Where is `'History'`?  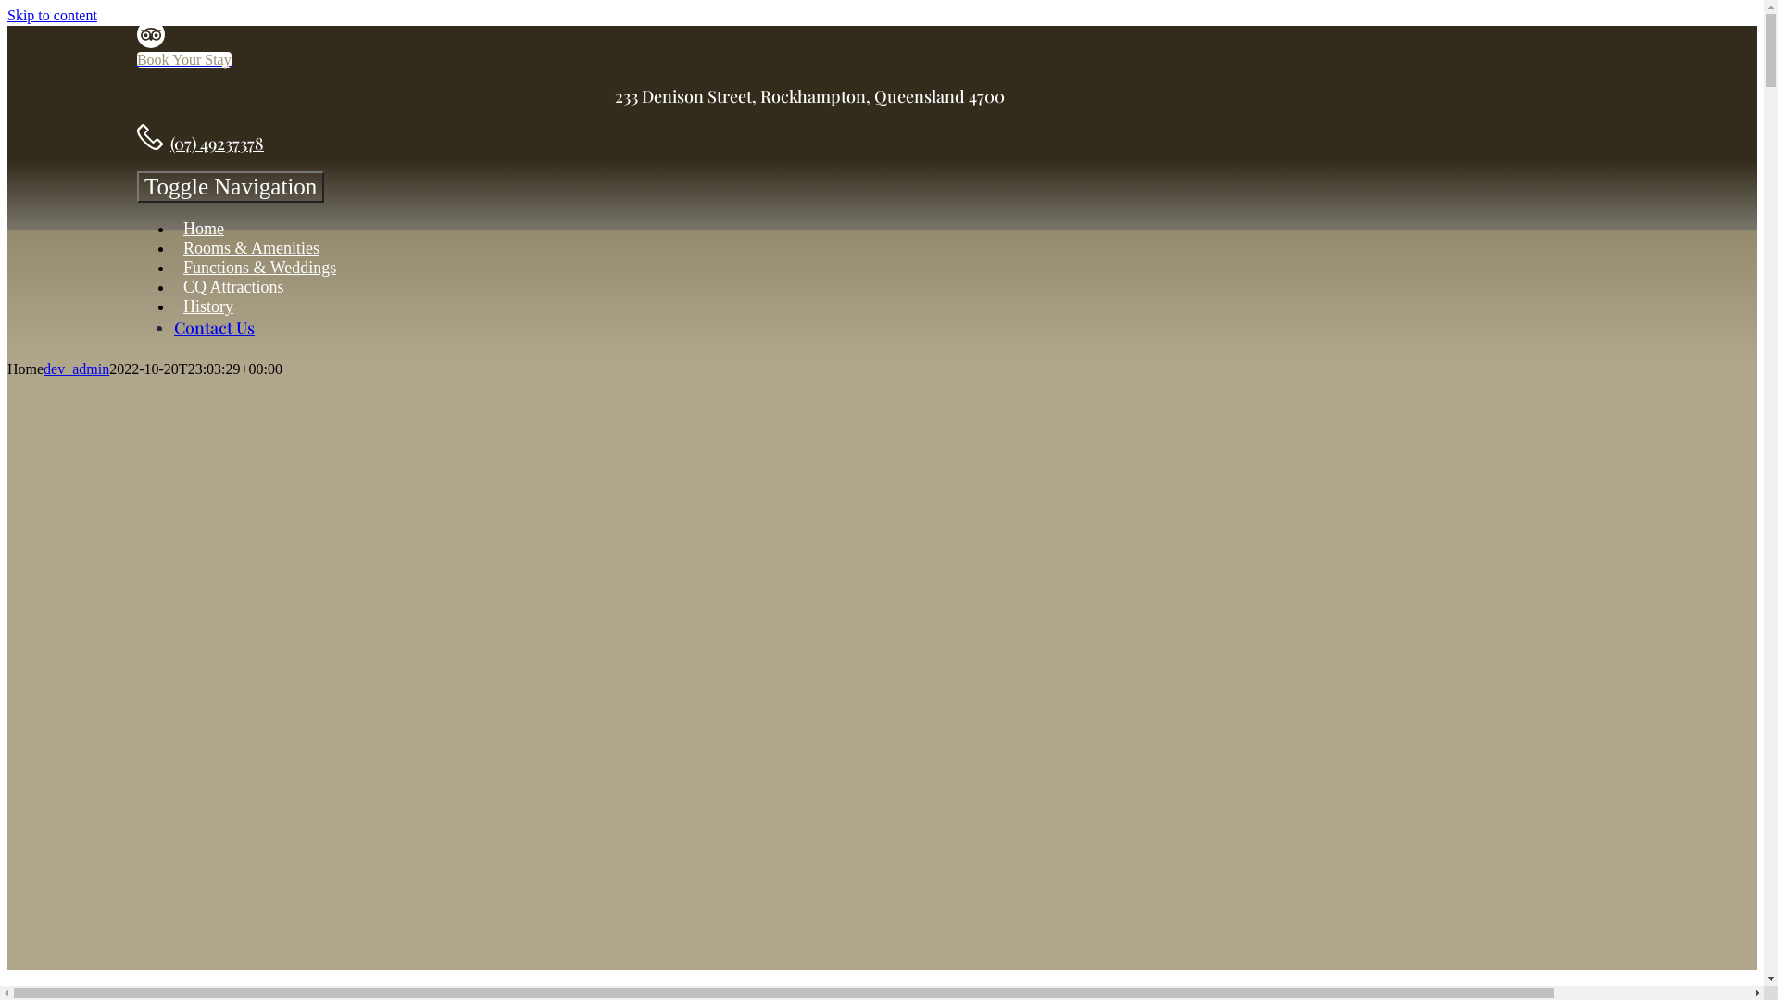
'History' is located at coordinates (208, 306).